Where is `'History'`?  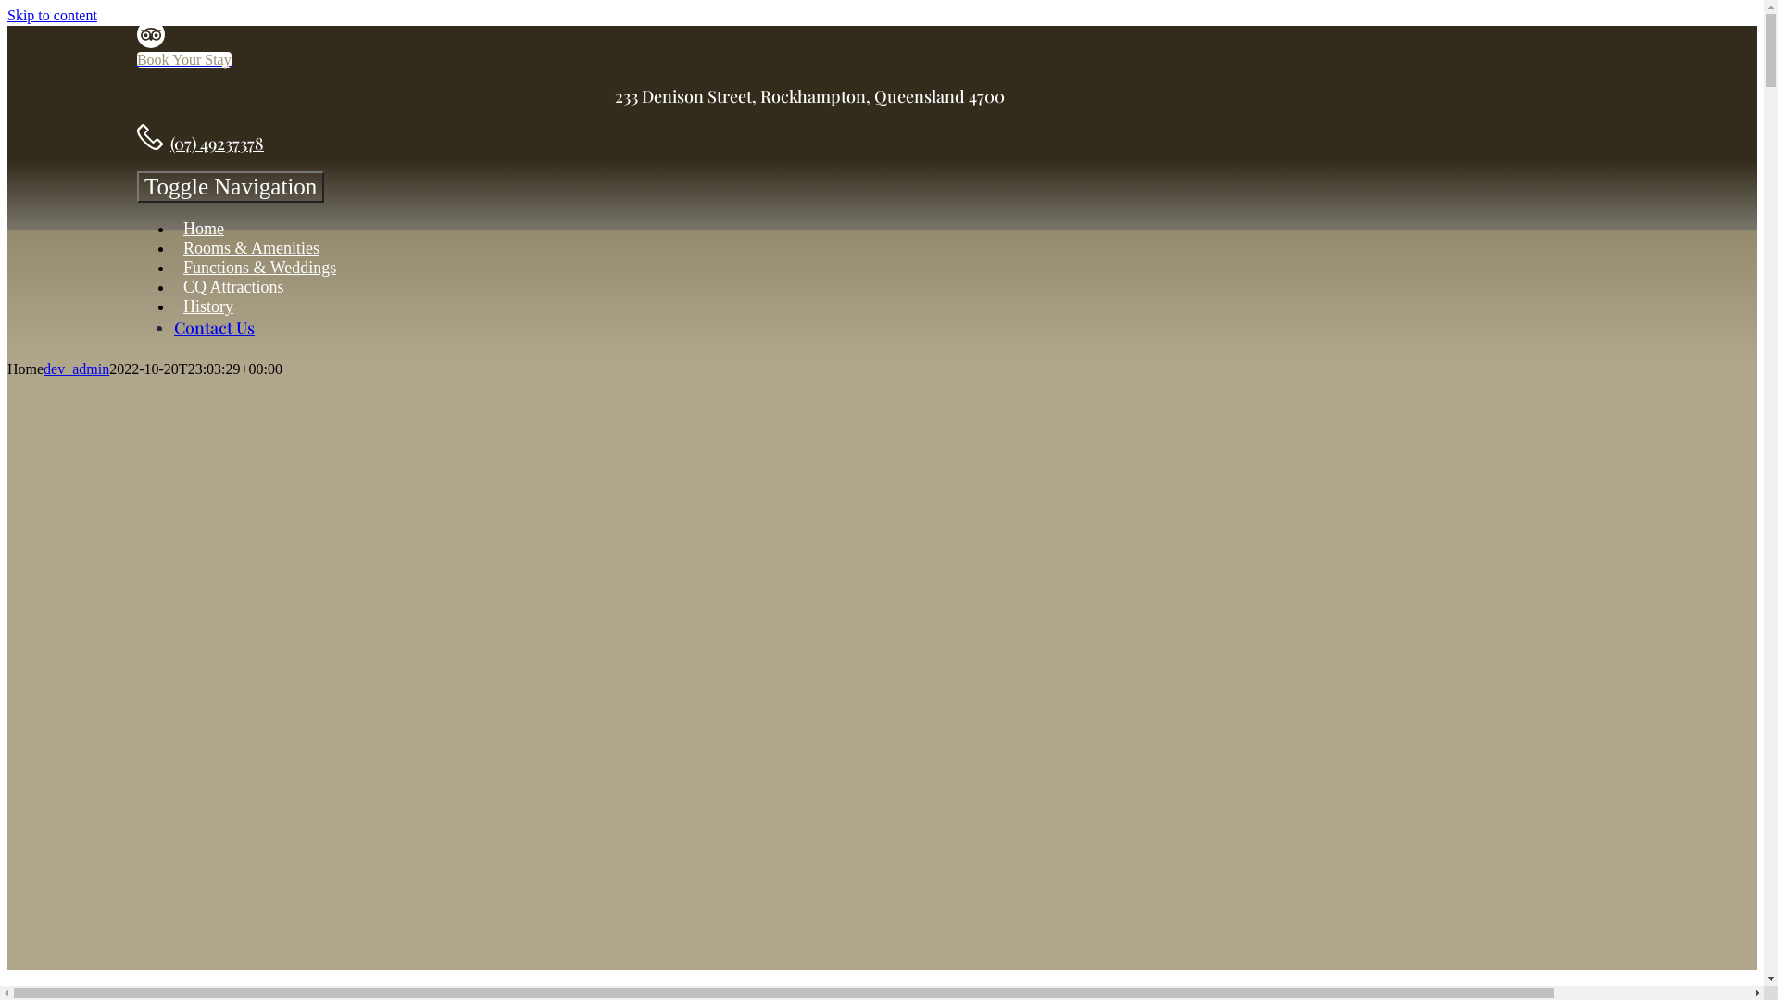
'History' is located at coordinates (208, 306).